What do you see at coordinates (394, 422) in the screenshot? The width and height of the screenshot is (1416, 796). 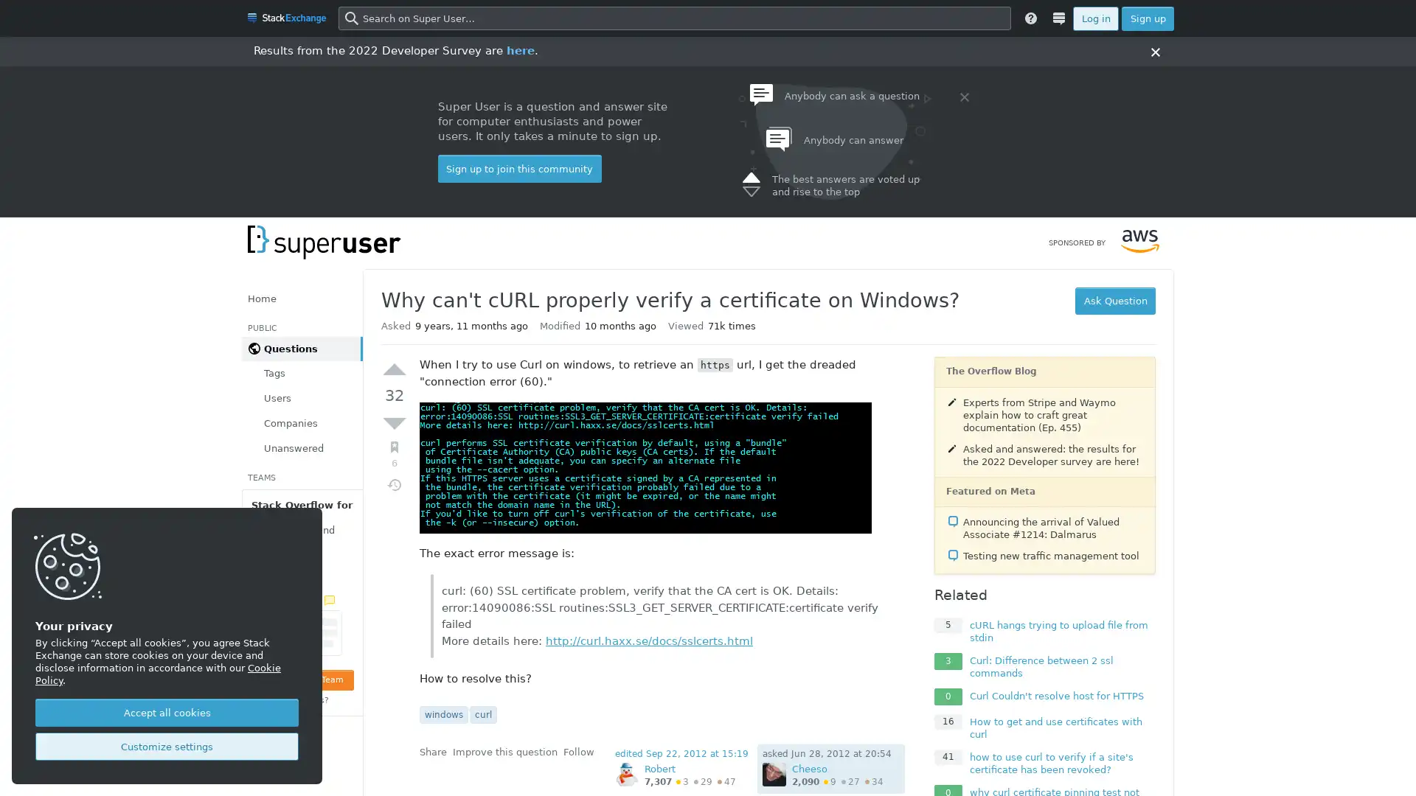 I see `Down vote` at bounding box center [394, 422].